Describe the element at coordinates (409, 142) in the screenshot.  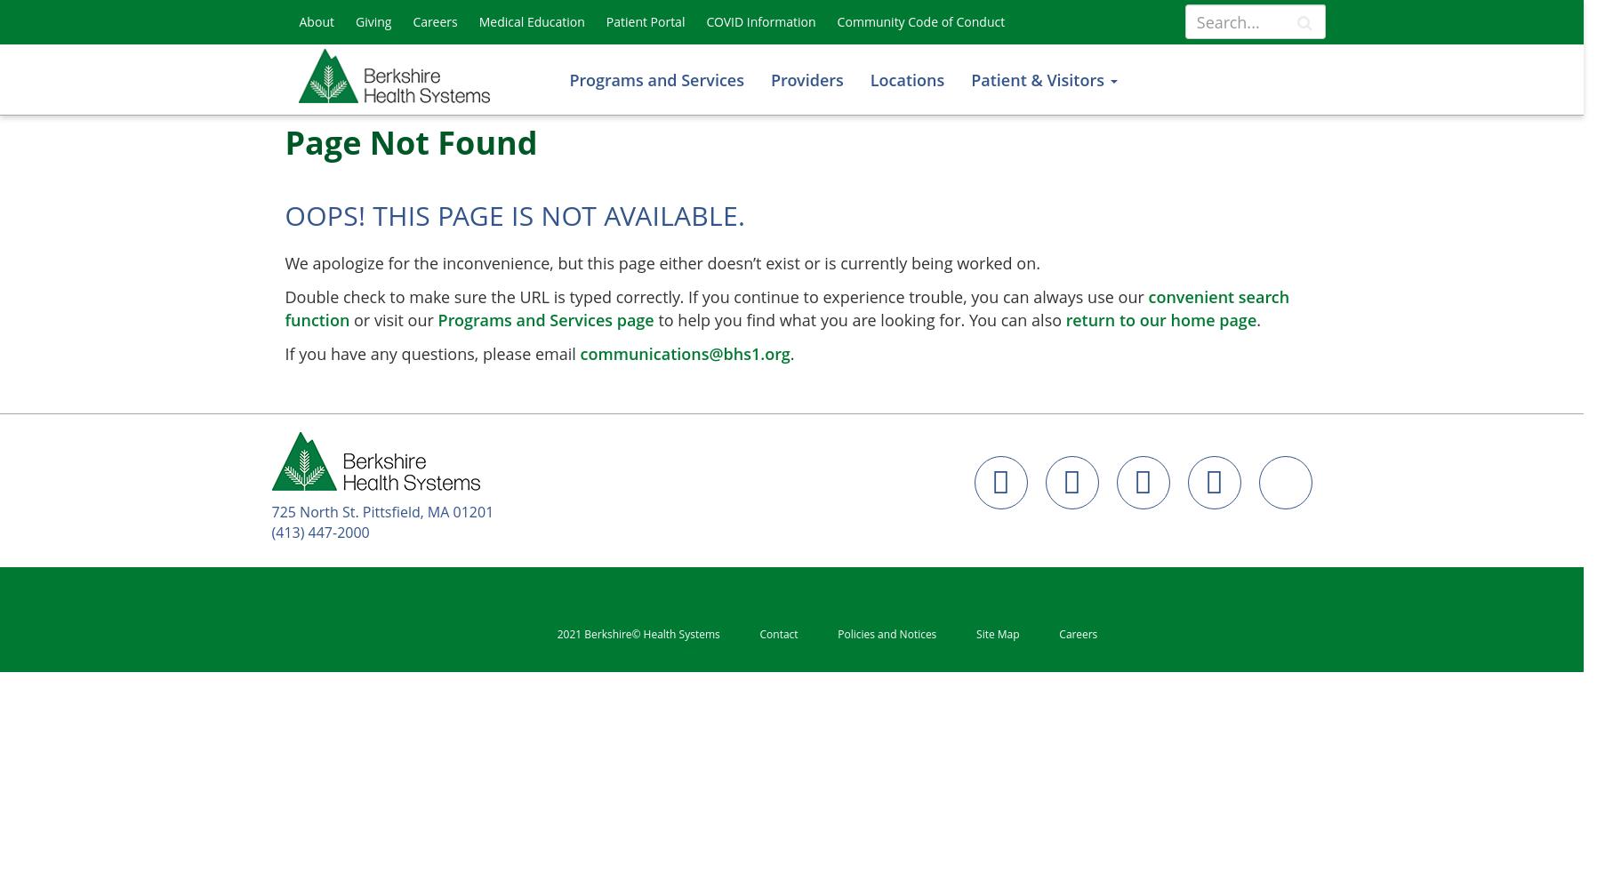
I see `'Page Not Found'` at that location.